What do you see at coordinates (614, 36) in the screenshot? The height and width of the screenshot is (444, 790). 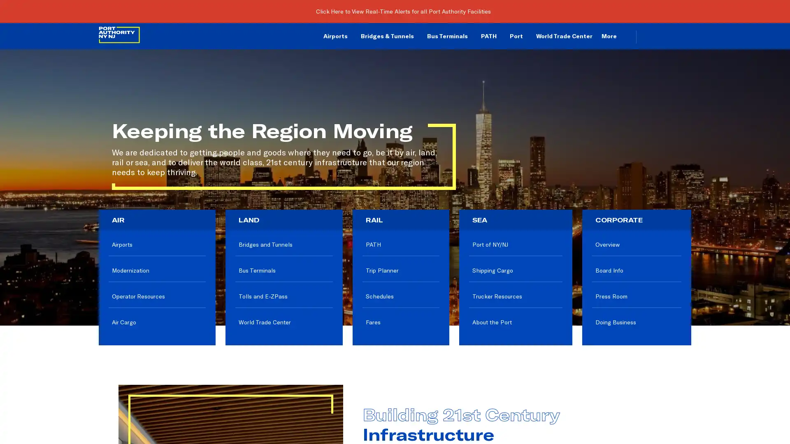 I see `More Links` at bounding box center [614, 36].